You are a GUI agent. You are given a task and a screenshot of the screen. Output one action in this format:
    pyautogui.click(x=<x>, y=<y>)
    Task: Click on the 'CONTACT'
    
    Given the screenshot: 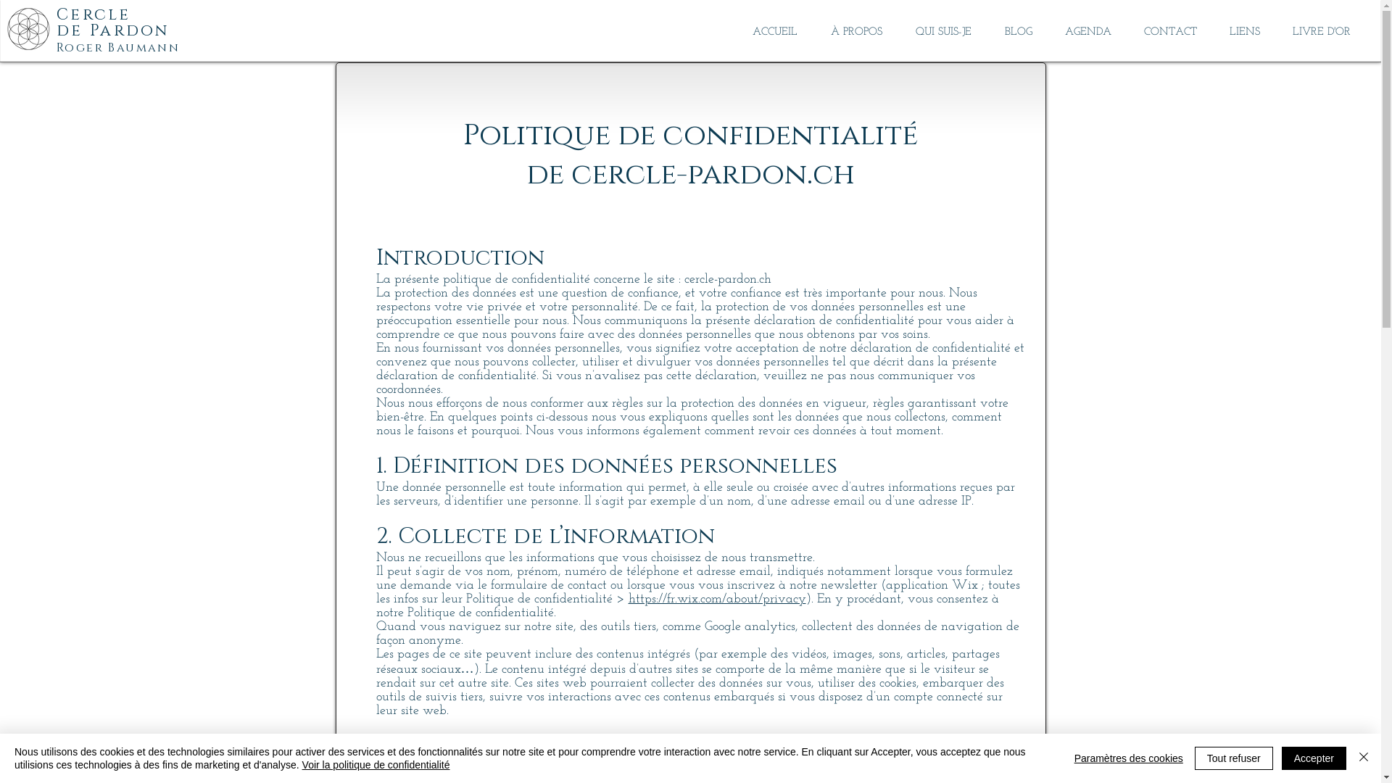 What is the action you would take?
    pyautogui.click(x=1169, y=32)
    